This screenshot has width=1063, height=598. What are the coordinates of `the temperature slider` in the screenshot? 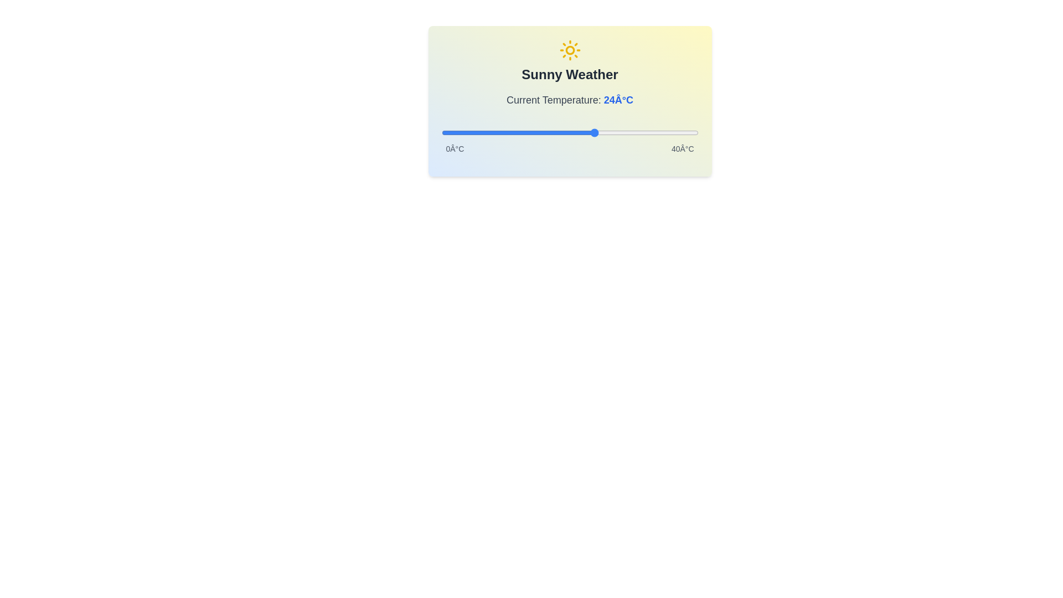 It's located at (665, 132).